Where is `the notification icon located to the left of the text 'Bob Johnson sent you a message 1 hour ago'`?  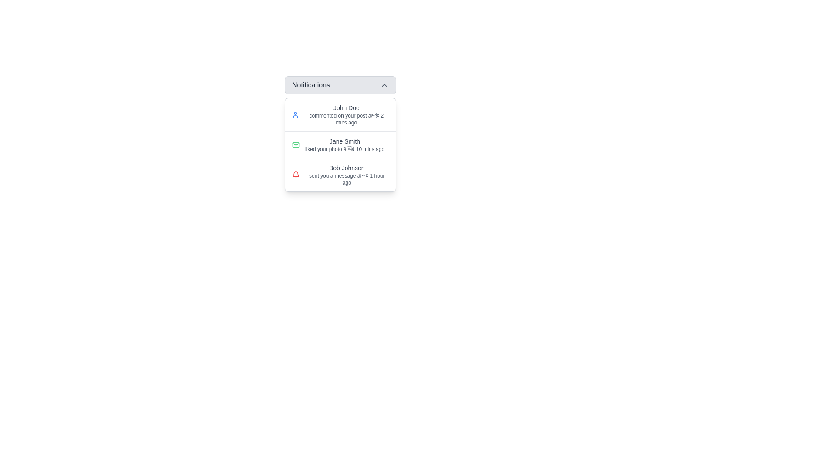 the notification icon located to the left of the text 'Bob Johnson sent you a message 1 hour ago' is located at coordinates (296, 174).